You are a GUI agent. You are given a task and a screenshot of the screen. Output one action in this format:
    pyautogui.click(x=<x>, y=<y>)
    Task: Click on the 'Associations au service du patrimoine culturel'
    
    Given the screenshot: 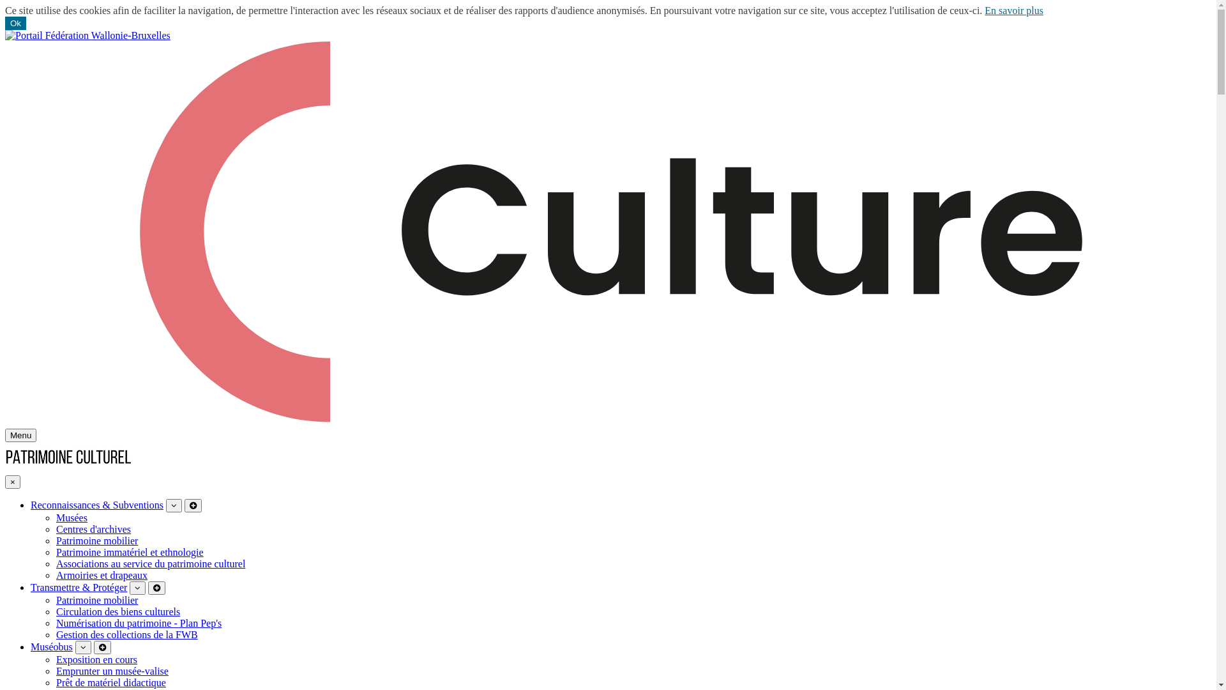 What is the action you would take?
    pyautogui.click(x=150, y=563)
    